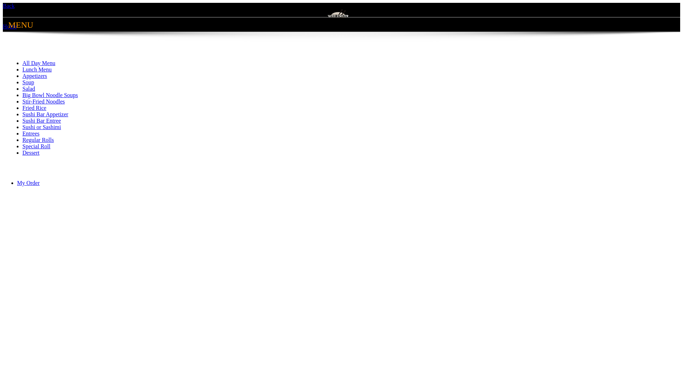 This screenshot has width=683, height=384. What do you see at coordinates (9, 6) in the screenshot?
I see `'Back'` at bounding box center [9, 6].